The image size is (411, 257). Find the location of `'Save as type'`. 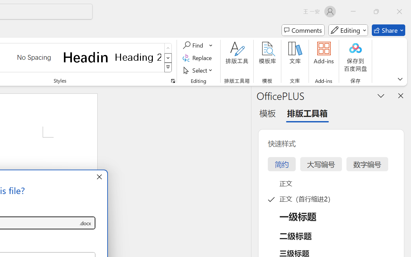

'Save as type' is located at coordinates (85, 223).